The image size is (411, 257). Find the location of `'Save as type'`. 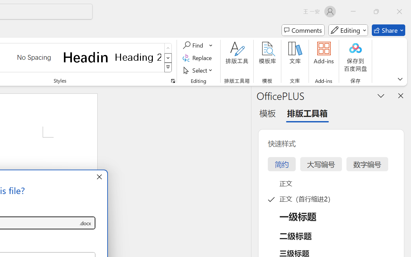

'Save as type' is located at coordinates (85, 223).